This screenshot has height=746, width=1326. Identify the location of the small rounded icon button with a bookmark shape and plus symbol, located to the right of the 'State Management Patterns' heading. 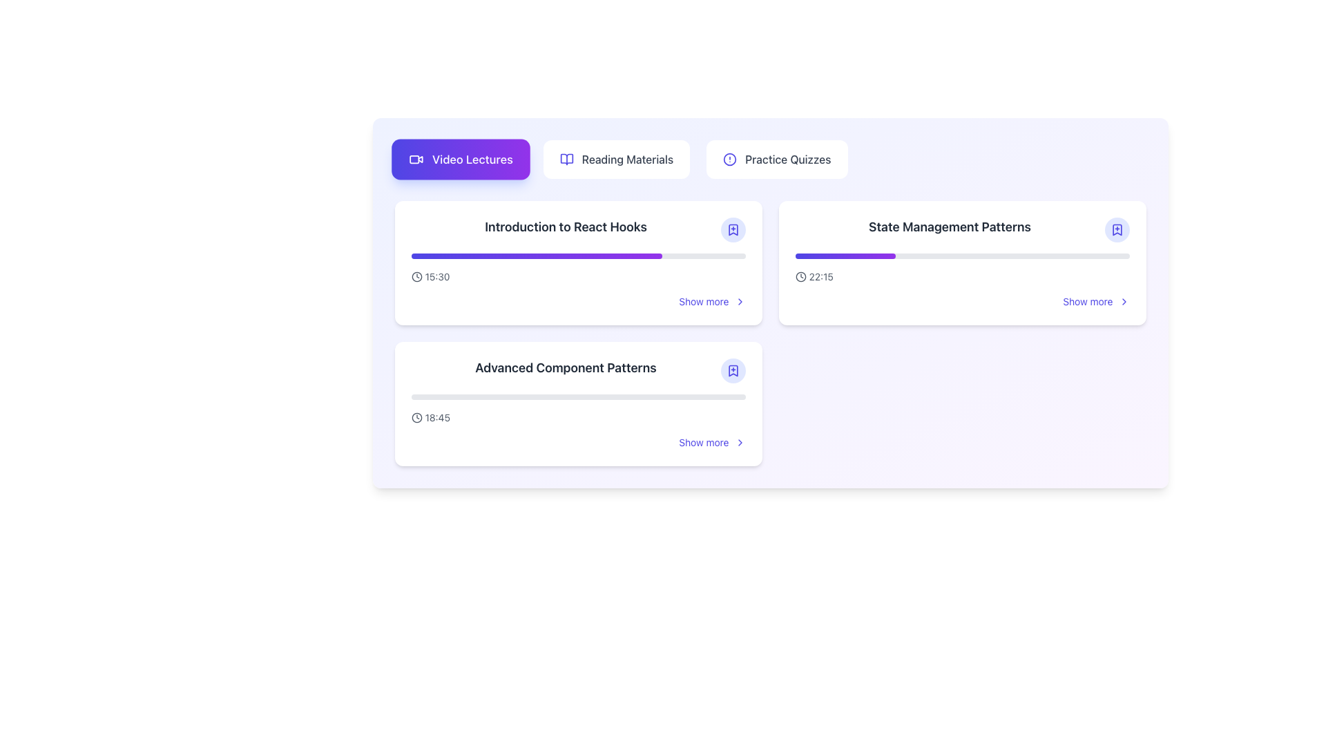
(1117, 229).